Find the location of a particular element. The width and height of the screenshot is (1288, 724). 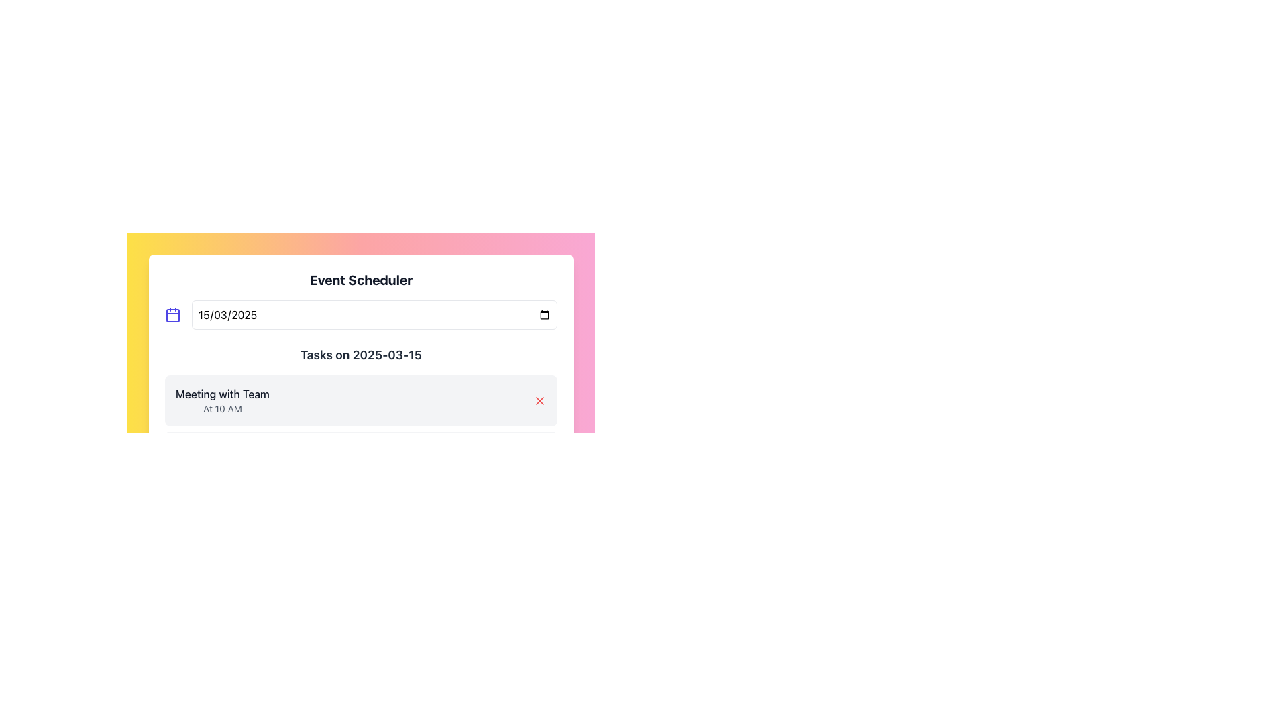

the text label displaying the time information 'At 10 AM', located directly below the main label 'Meeting with Team' is located at coordinates (222, 408).